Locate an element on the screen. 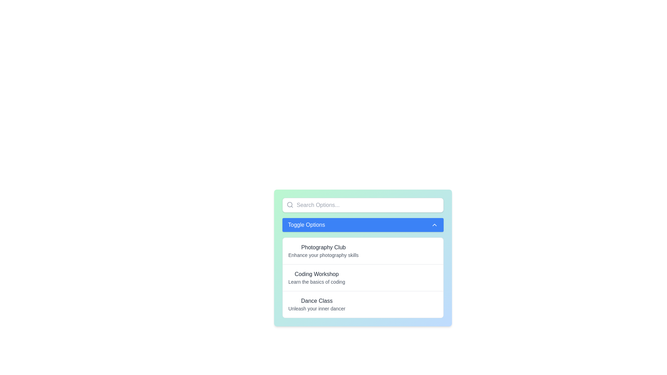  the upward-pointing chevron icon located on the far-right side of the blue button labeled 'Toggle Options' is located at coordinates (434, 225).